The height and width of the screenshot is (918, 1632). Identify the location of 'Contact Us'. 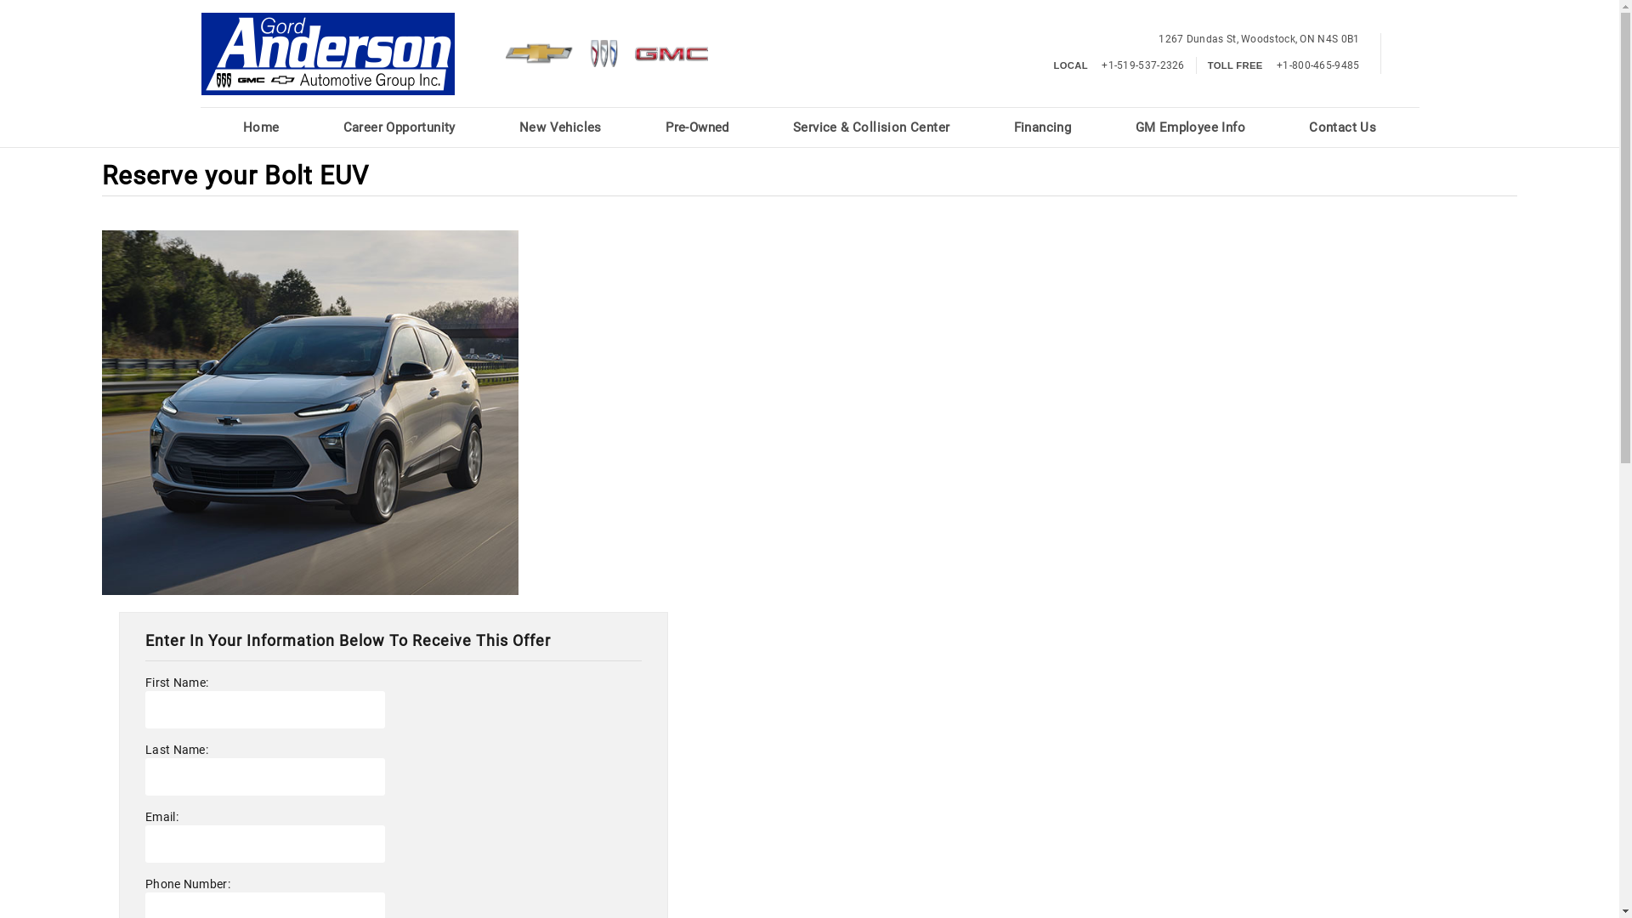
(1341, 127).